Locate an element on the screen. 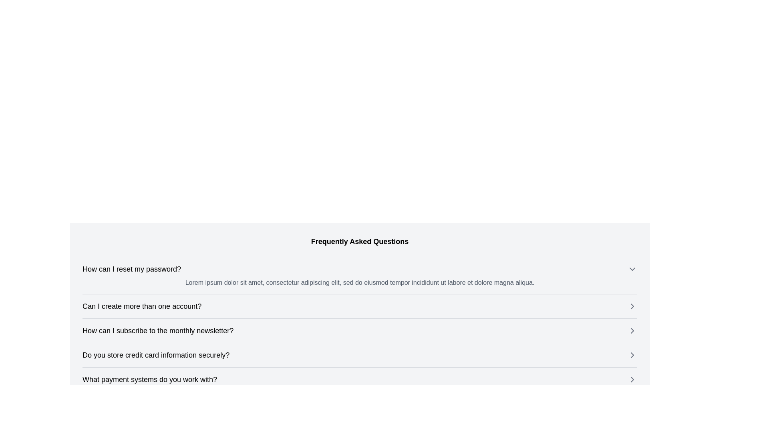  the chevron-down icon located at the far right of the row containing the text 'How can I reset my password?' is located at coordinates (632, 269).